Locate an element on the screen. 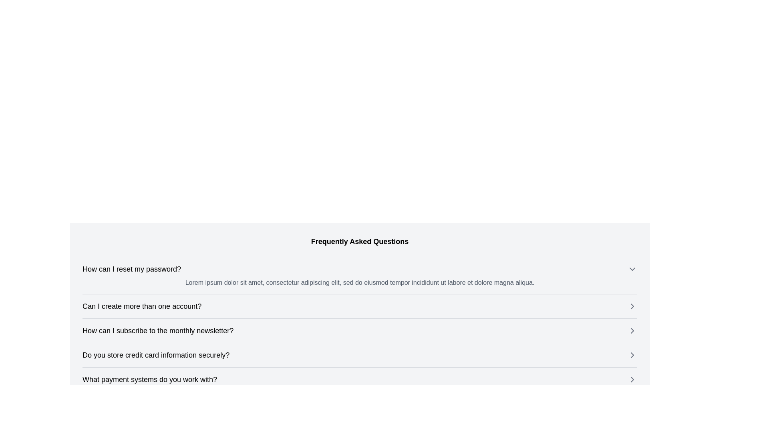  the chevron-down icon located at the far right of the row containing the text 'How can I reset my password?' is located at coordinates (632, 269).